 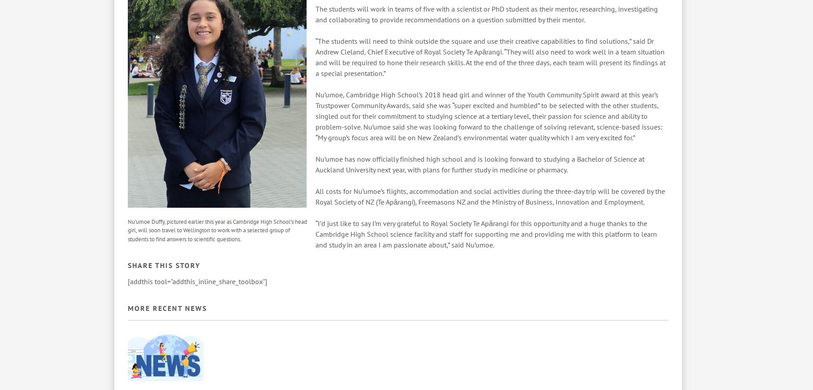 I want to click on 'Nu’umoe Duffy, pictured earlier this year as Cambridge High School’s head girl, will soon travel to Wellington to work with a selected group of students to find answers to scientific questions.', so click(x=217, y=230).